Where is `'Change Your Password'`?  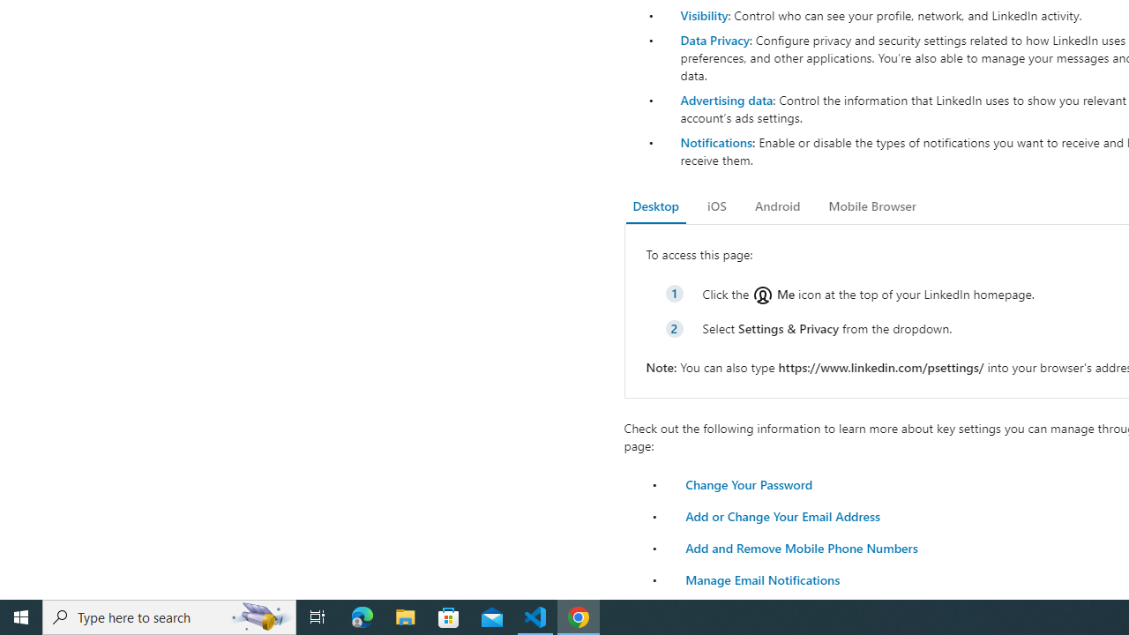
'Change Your Password' is located at coordinates (749, 484).